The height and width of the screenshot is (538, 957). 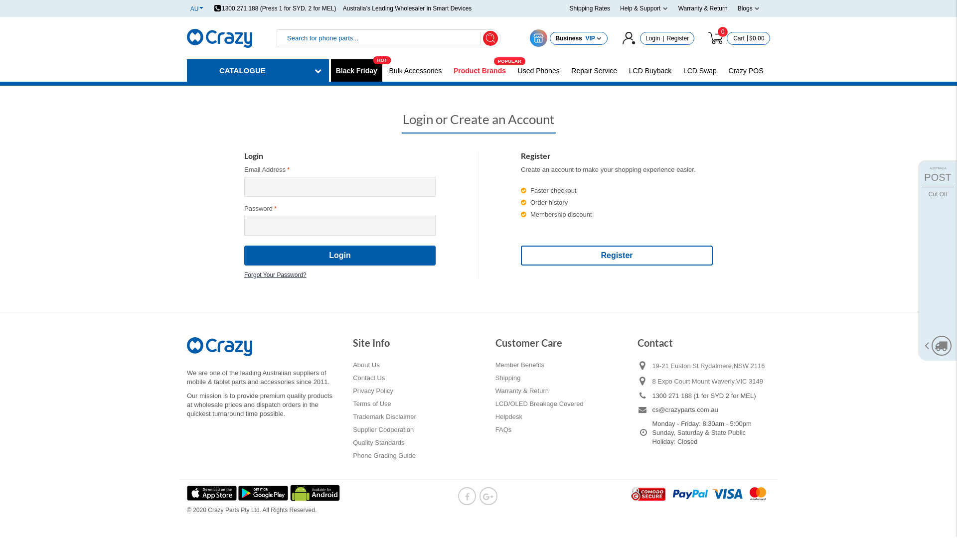 I want to click on 'Register', so click(x=616, y=255).